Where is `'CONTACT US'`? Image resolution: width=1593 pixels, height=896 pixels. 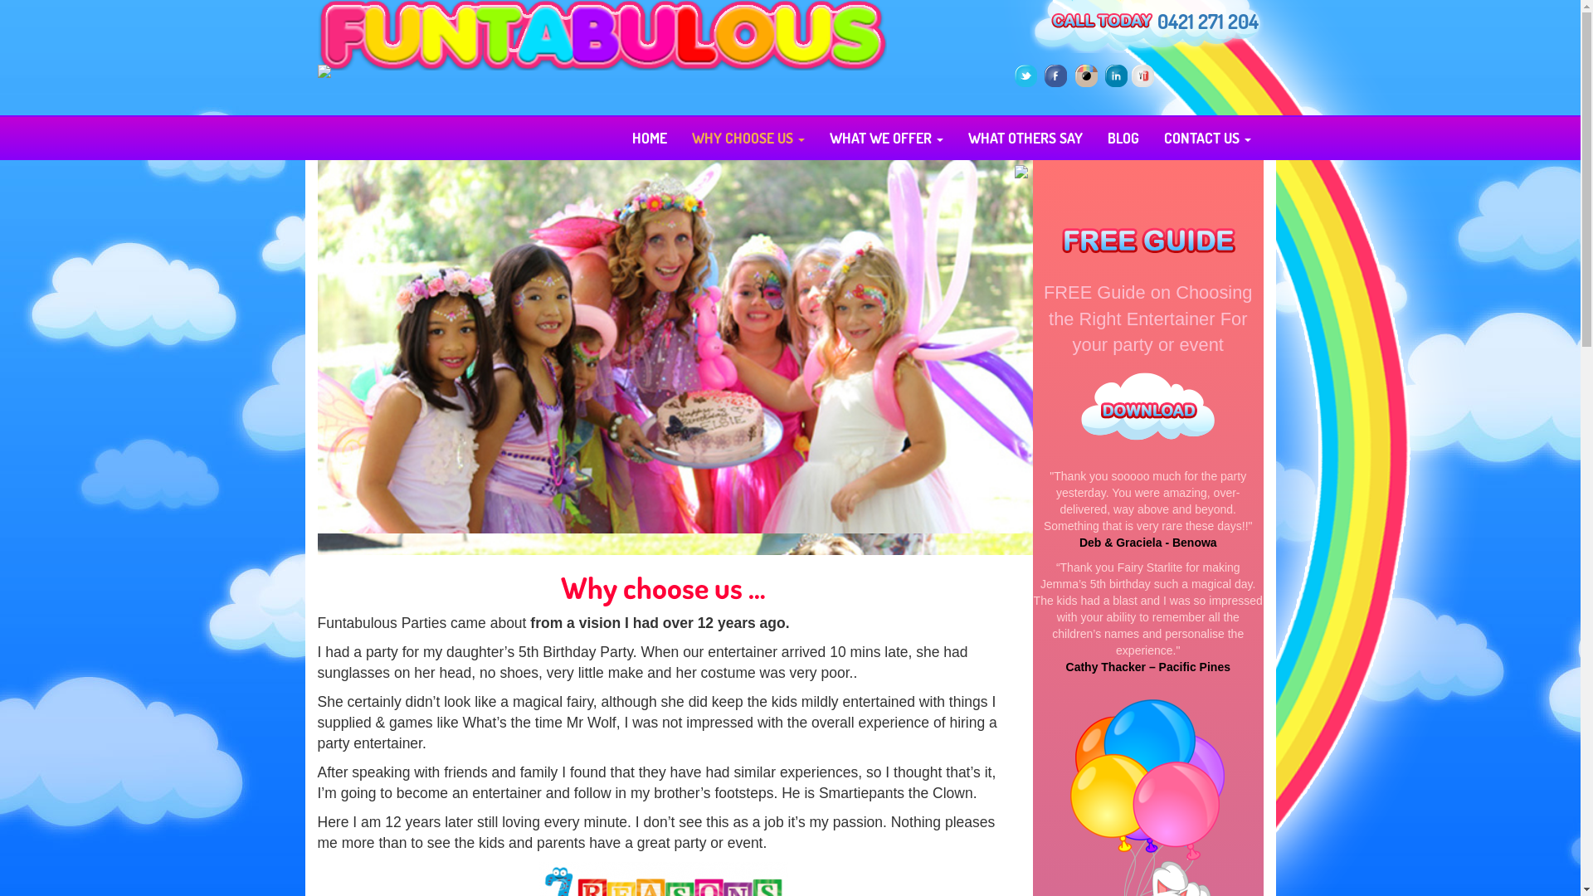 'CONTACT US' is located at coordinates (1207, 136).